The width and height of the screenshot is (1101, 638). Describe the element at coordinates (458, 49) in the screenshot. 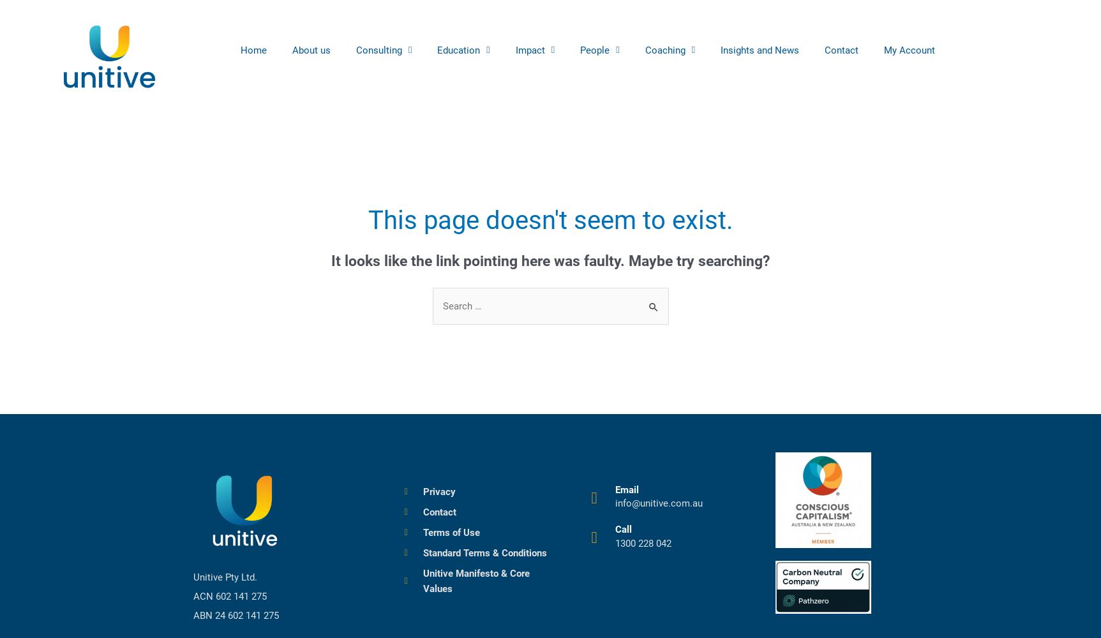

I see `'Education'` at that location.